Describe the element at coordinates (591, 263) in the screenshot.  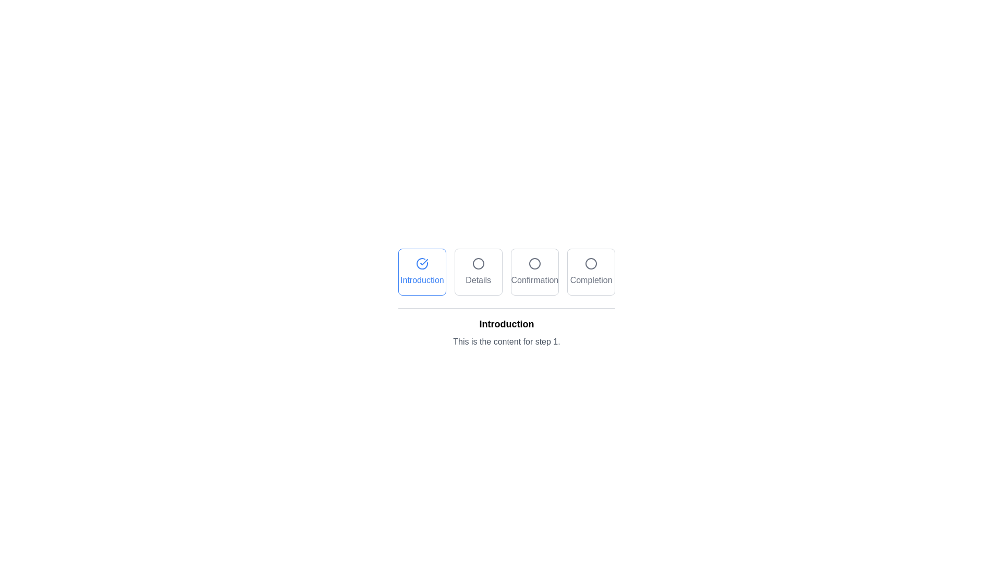
I see `the small circular icon with a thin outline located above the 'Completion' text label, which is the fourth button in a horizontally arranged group of buttons` at that location.